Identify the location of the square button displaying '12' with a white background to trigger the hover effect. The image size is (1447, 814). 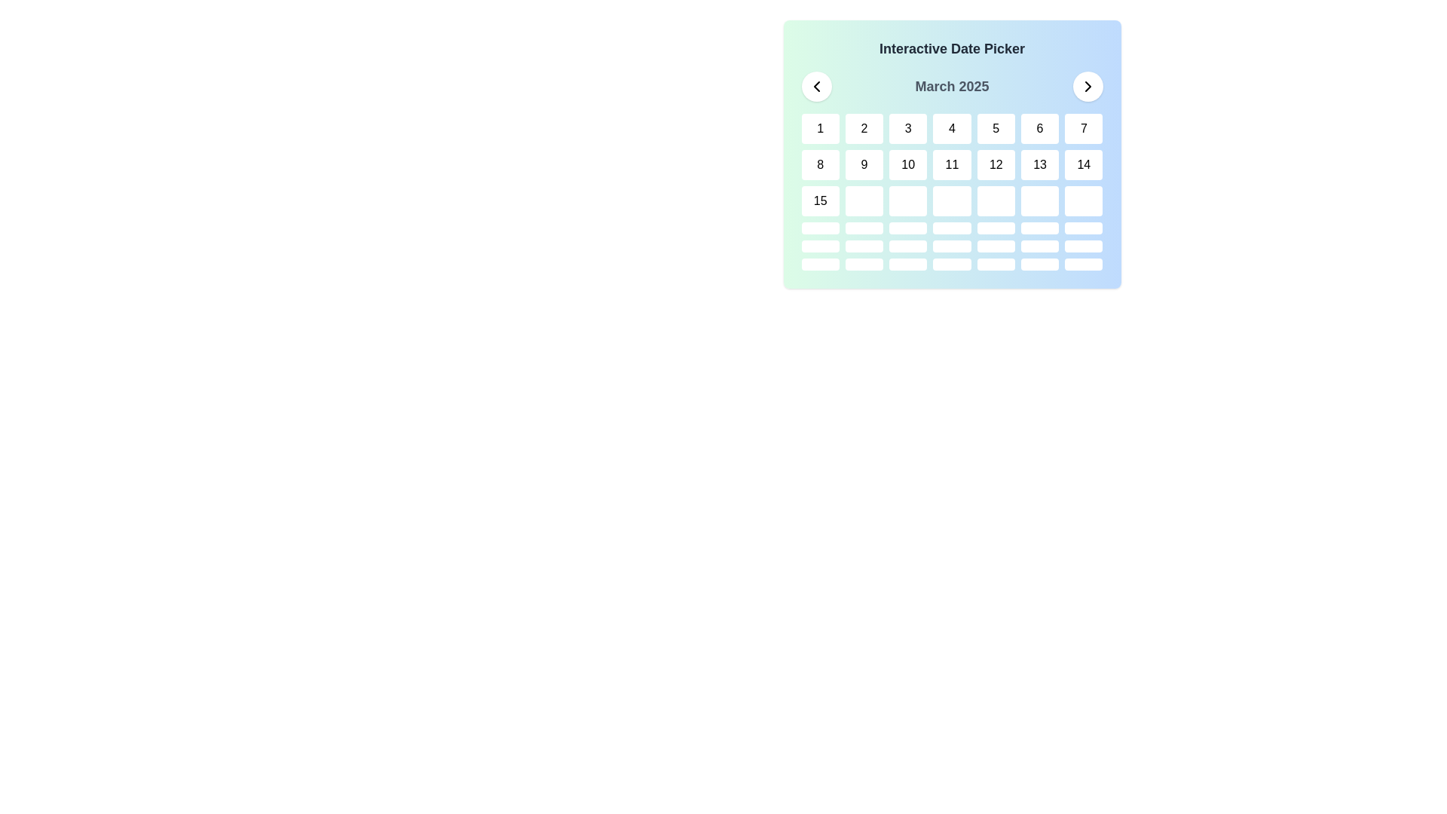
(996, 165).